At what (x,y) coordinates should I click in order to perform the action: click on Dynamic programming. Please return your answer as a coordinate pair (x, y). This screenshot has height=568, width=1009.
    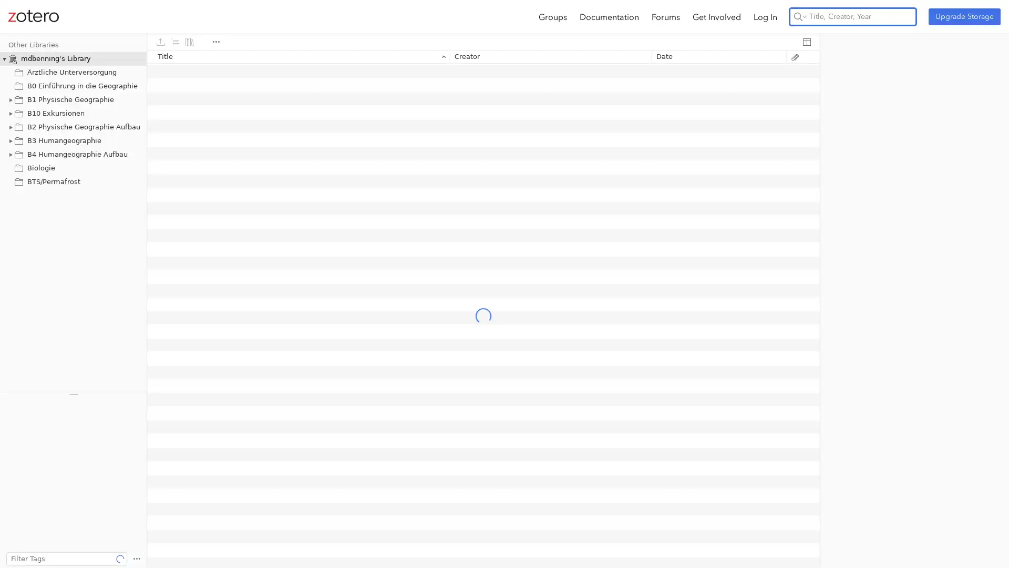
    Looking at the image, I should click on (45, 487).